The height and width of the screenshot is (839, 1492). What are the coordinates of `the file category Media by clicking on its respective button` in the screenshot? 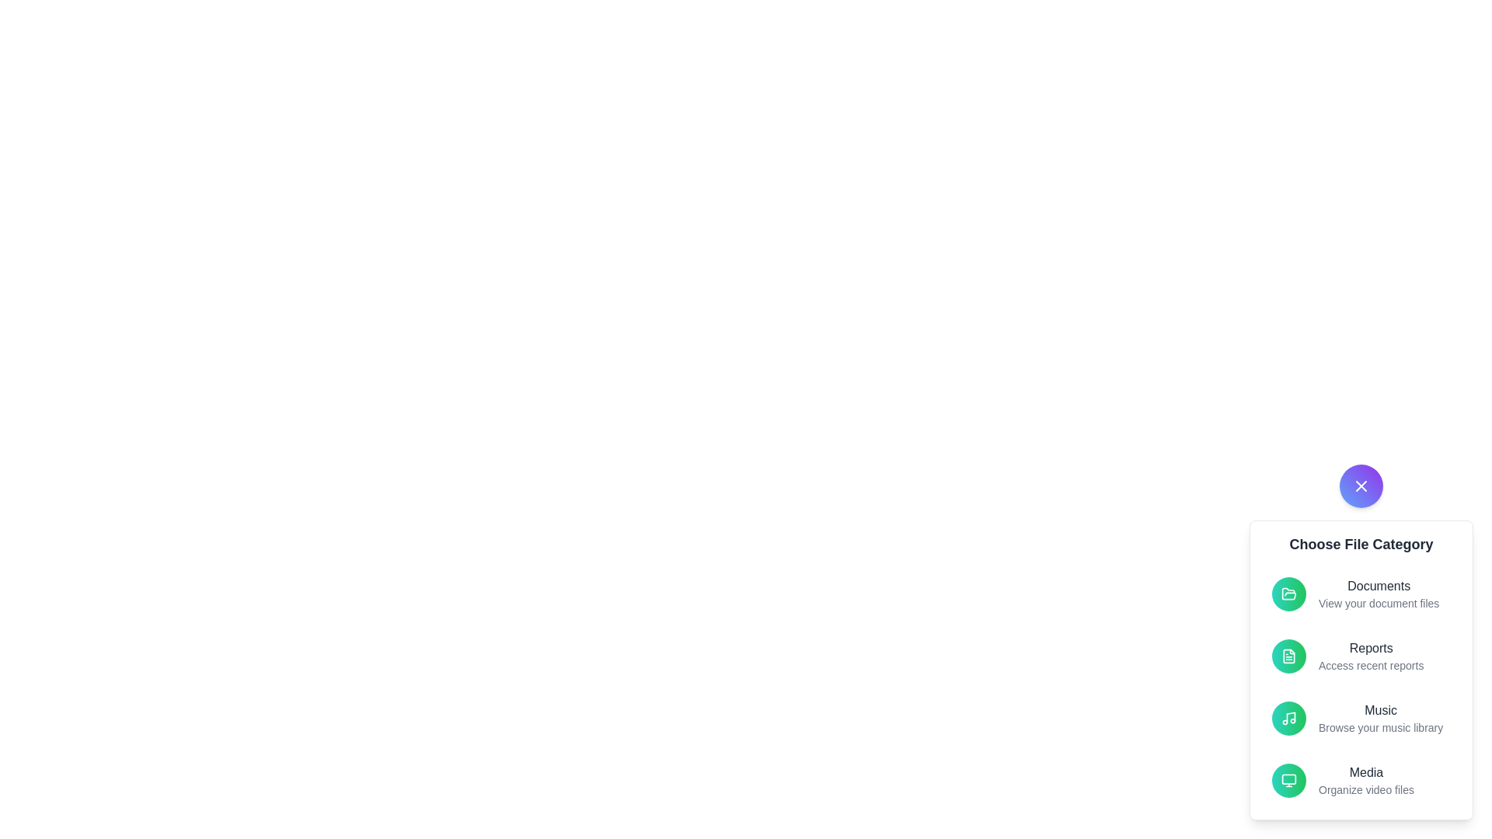 It's located at (1289, 781).